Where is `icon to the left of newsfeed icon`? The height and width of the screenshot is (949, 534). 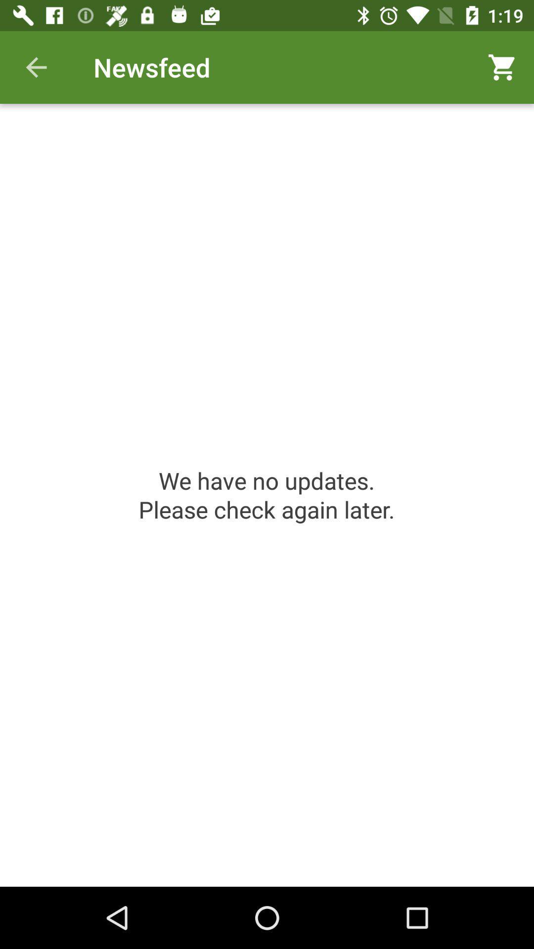
icon to the left of newsfeed icon is located at coordinates (36, 67).